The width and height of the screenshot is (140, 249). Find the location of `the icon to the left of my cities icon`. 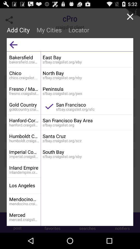

the icon to the left of my cities icon is located at coordinates (20, 30).